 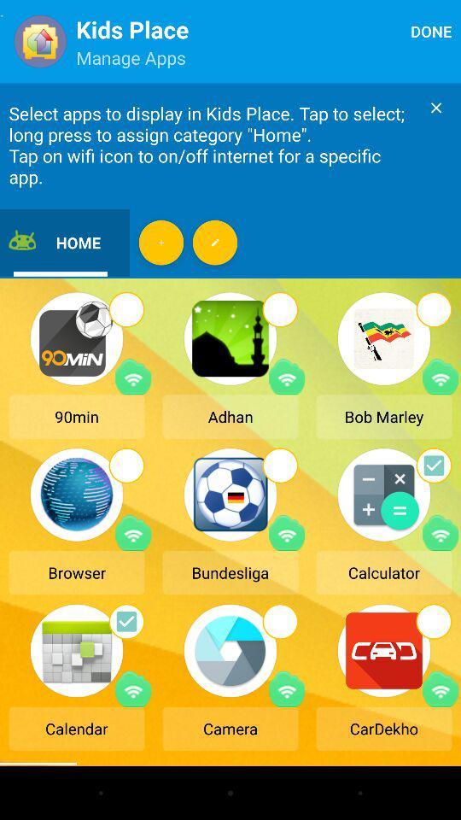 What do you see at coordinates (287, 377) in the screenshot?
I see `turn on or off internet for app` at bounding box center [287, 377].